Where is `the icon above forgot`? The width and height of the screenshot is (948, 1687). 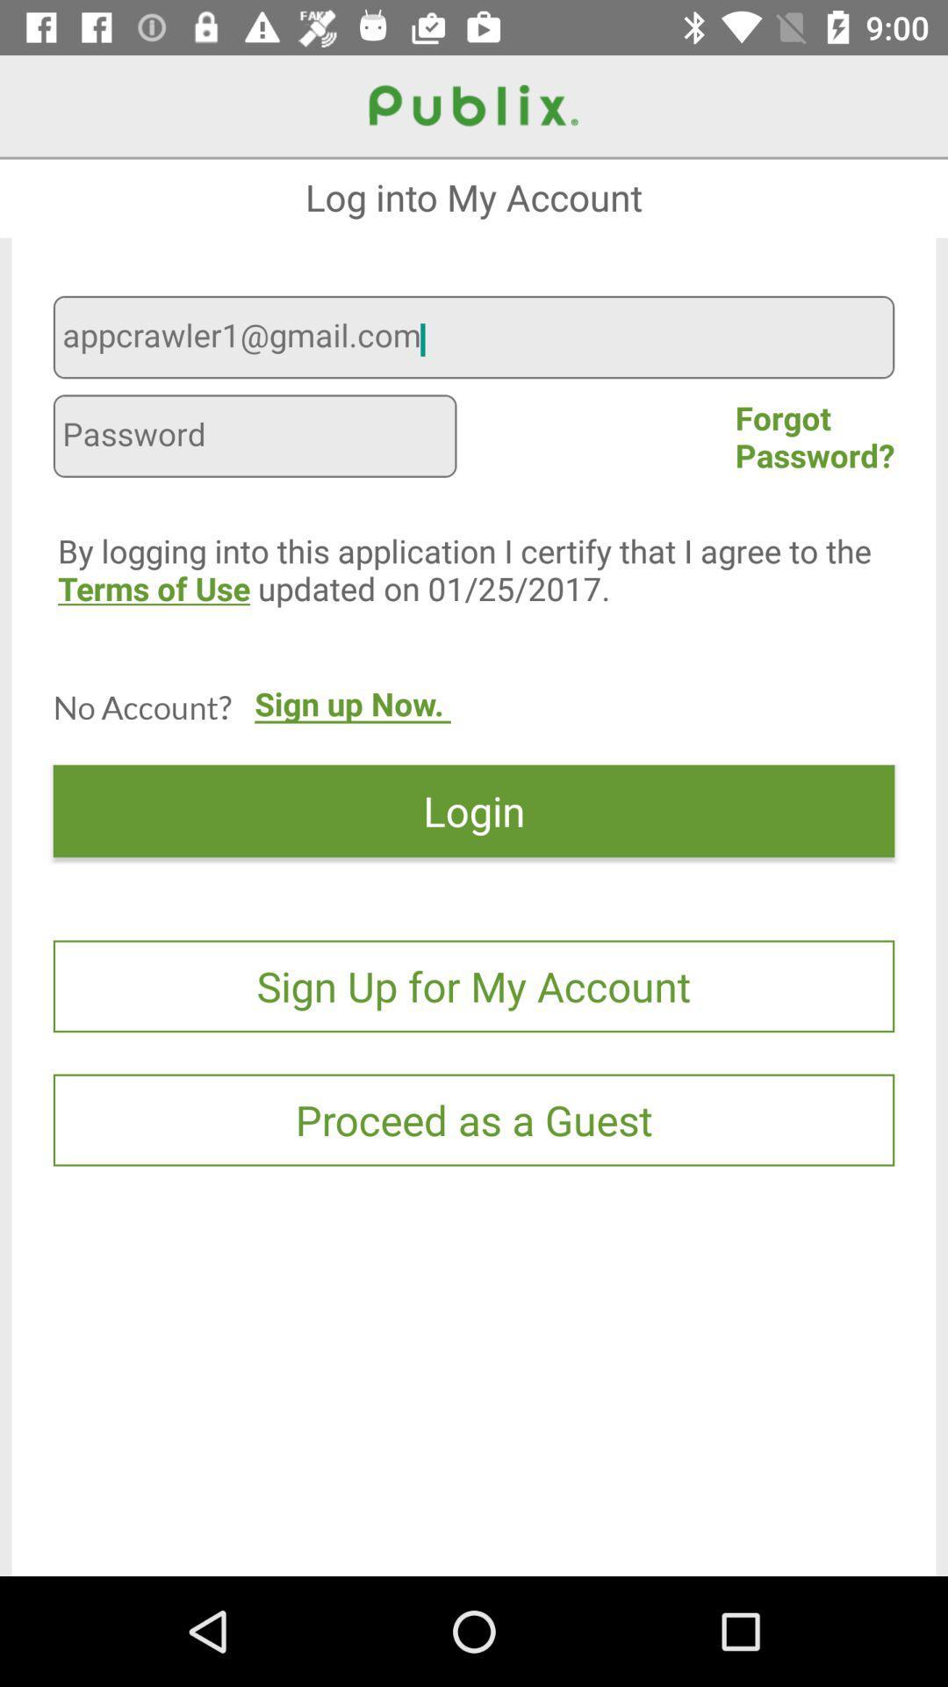 the icon above forgot is located at coordinates (474, 339).